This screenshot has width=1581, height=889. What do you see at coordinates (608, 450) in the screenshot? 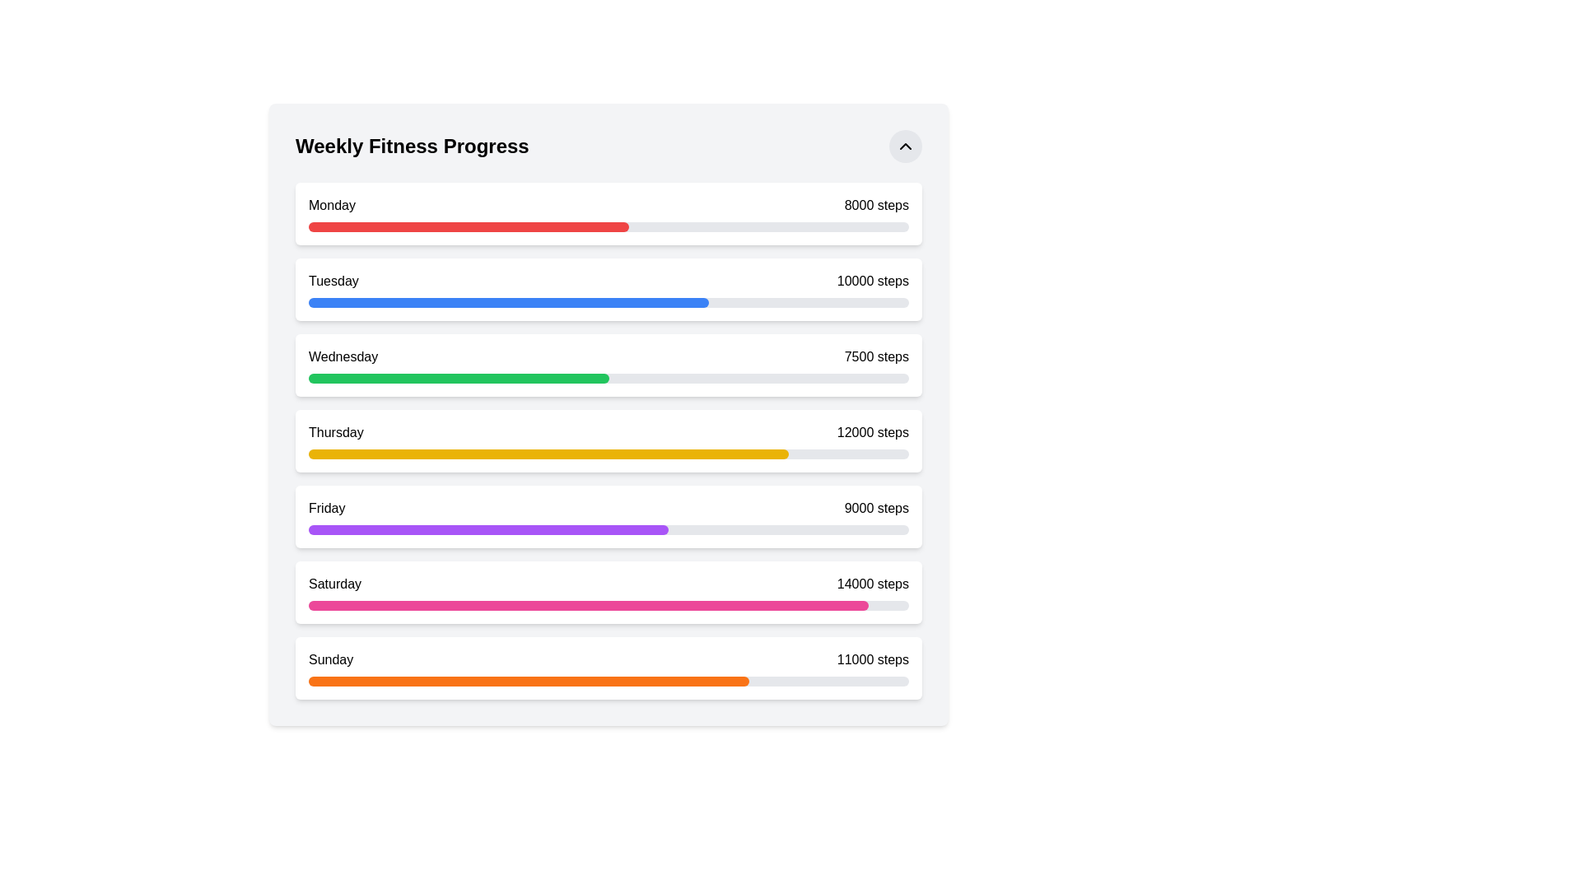
I see `the progress bar indicating 80% completion within the card labeled 'Thursday - 12000 steps', positioned second from the bottom` at bounding box center [608, 450].